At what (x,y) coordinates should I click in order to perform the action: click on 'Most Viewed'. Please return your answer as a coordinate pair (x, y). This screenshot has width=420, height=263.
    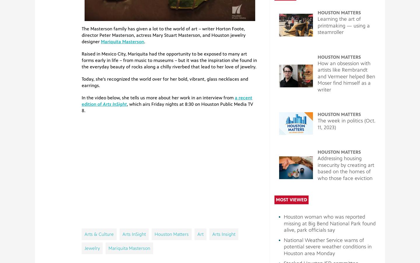
    Looking at the image, I should click on (291, 199).